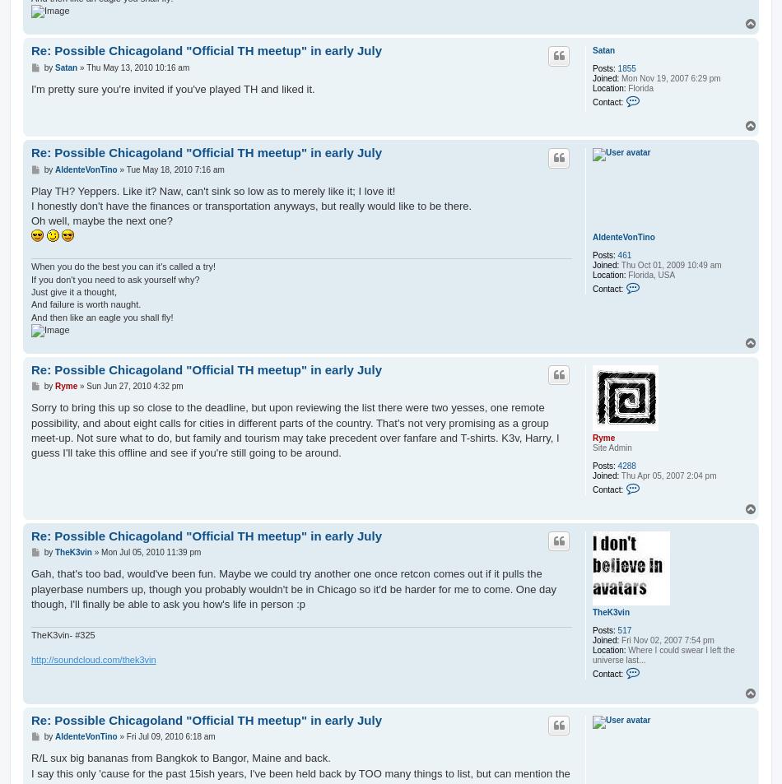 Image resolution: width=782 pixels, height=784 pixels. What do you see at coordinates (618, 264) in the screenshot?
I see `'Thu Oct 01, 2009 10:49 am'` at bounding box center [618, 264].